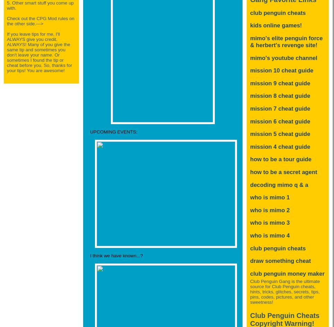 The width and height of the screenshot is (334, 327). What do you see at coordinates (280, 121) in the screenshot?
I see `'Mission 6 CHEAT GUIDE'` at bounding box center [280, 121].